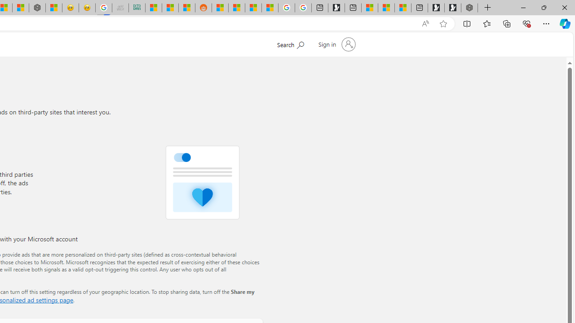 The image size is (575, 323). Describe the element at coordinates (37, 8) in the screenshot. I see `'Nordace - #1 Japanese Best-Seller - Siena Smart Backpack'` at that location.